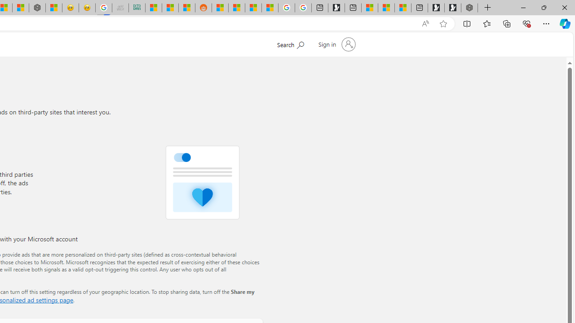 The image size is (575, 323). Describe the element at coordinates (37, 8) in the screenshot. I see `'Nordace - #1 Japanese Best-Seller - Siena Smart Backpack'` at that location.